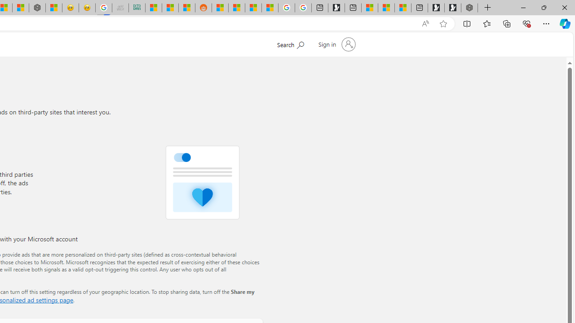 The image size is (575, 323). Describe the element at coordinates (37, 8) in the screenshot. I see `'Nordace - #1 Japanese Best-Seller - Siena Smart Backpack'` at that location.